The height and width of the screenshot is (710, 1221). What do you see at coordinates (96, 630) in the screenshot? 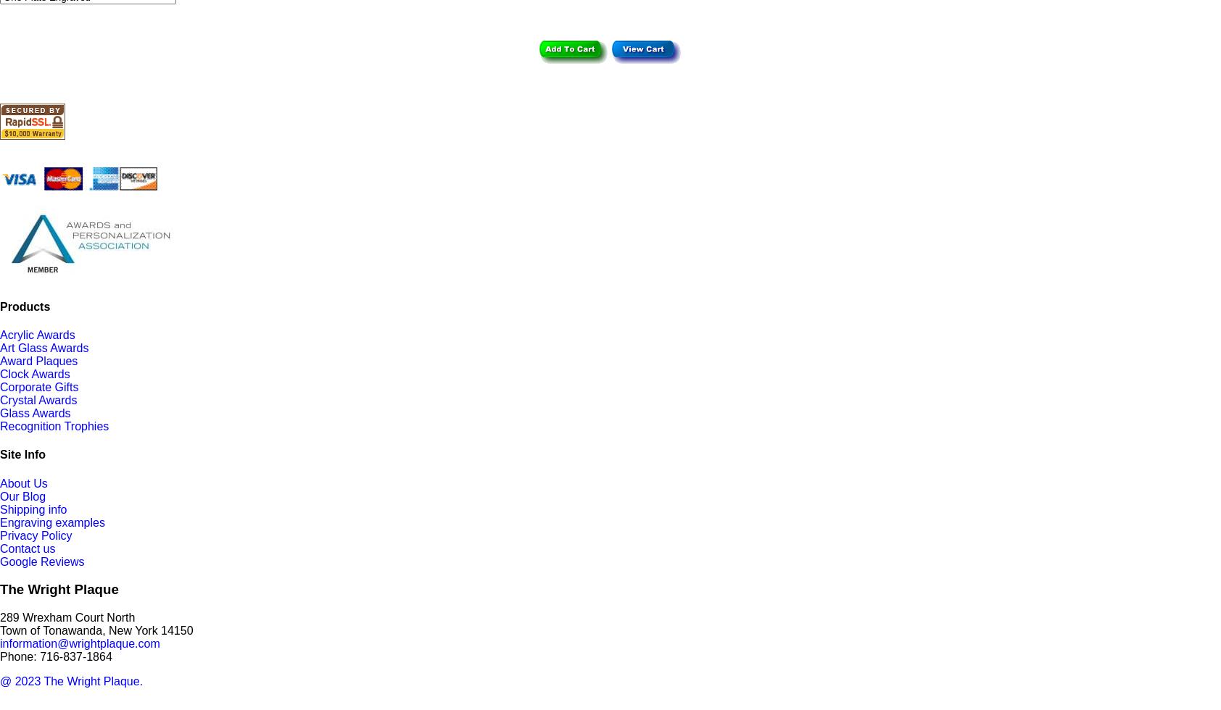
I see `'Town of Tonawanda, New York   14150'` at bounding box center [96, 630].